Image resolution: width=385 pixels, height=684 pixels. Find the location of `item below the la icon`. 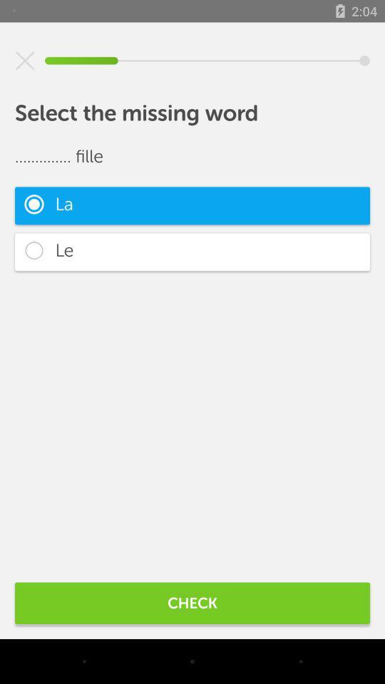

item below the la icon is located at coordinates (192, 252).